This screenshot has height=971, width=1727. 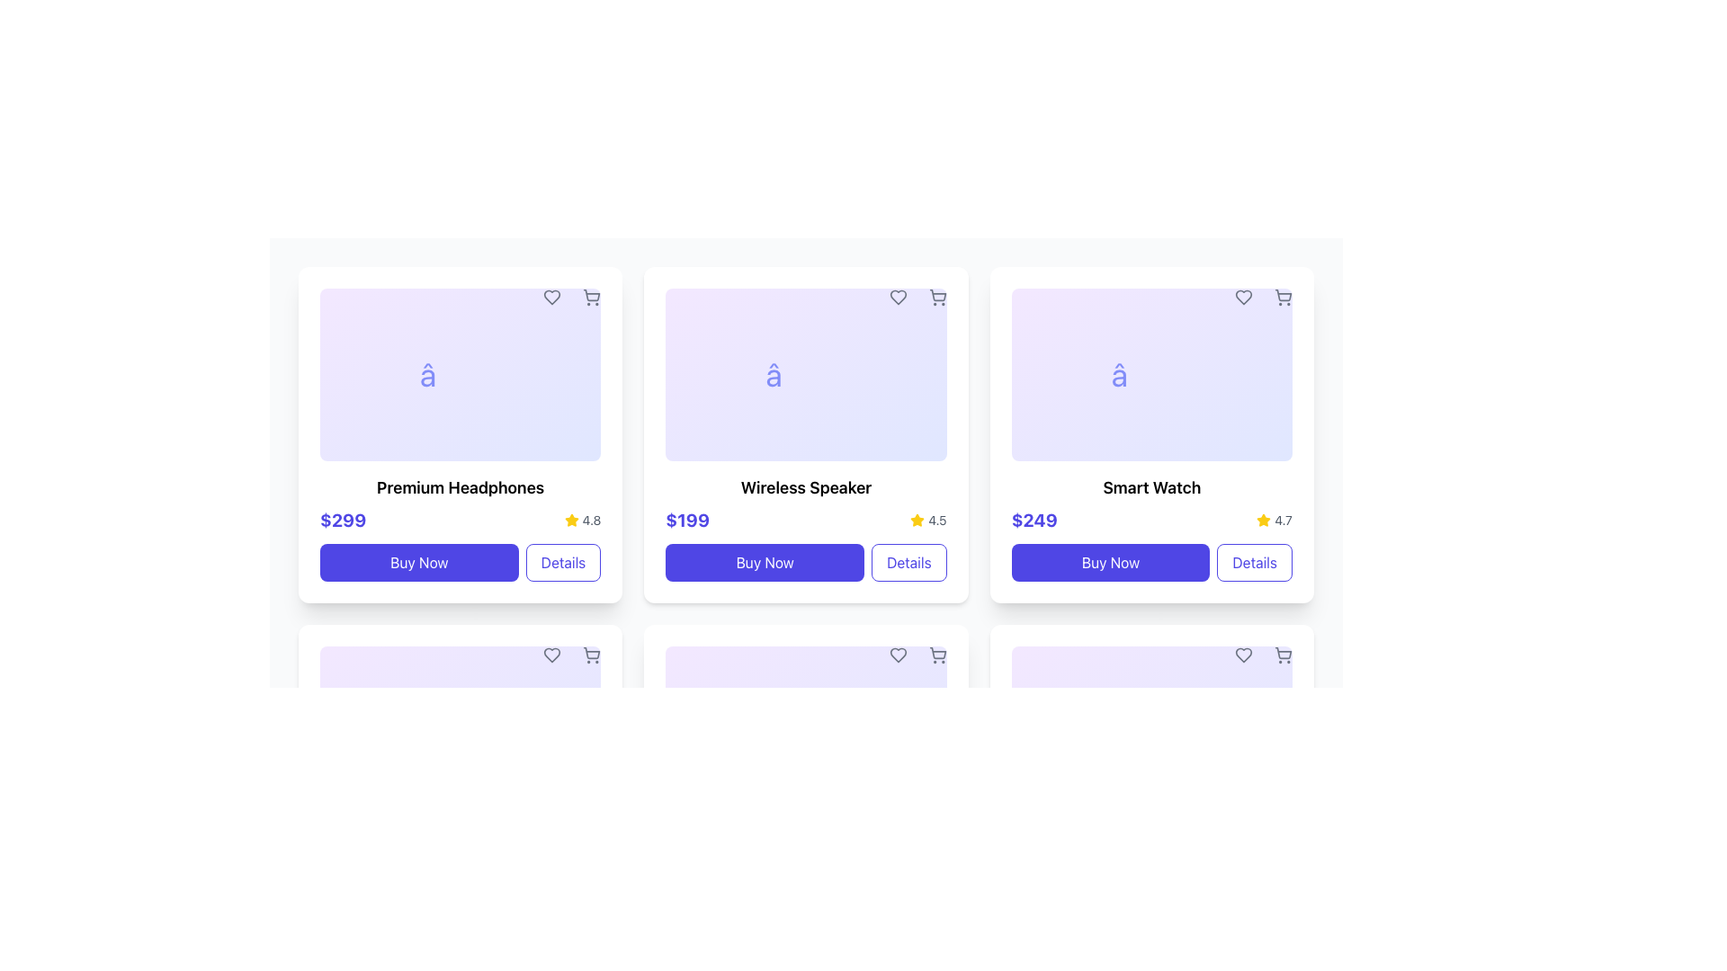 I want to click on the 'Details' button located at the bottom right corner of the 'Smart Watch' card to observe interactive styling changes, so click(x=1254, y=561).